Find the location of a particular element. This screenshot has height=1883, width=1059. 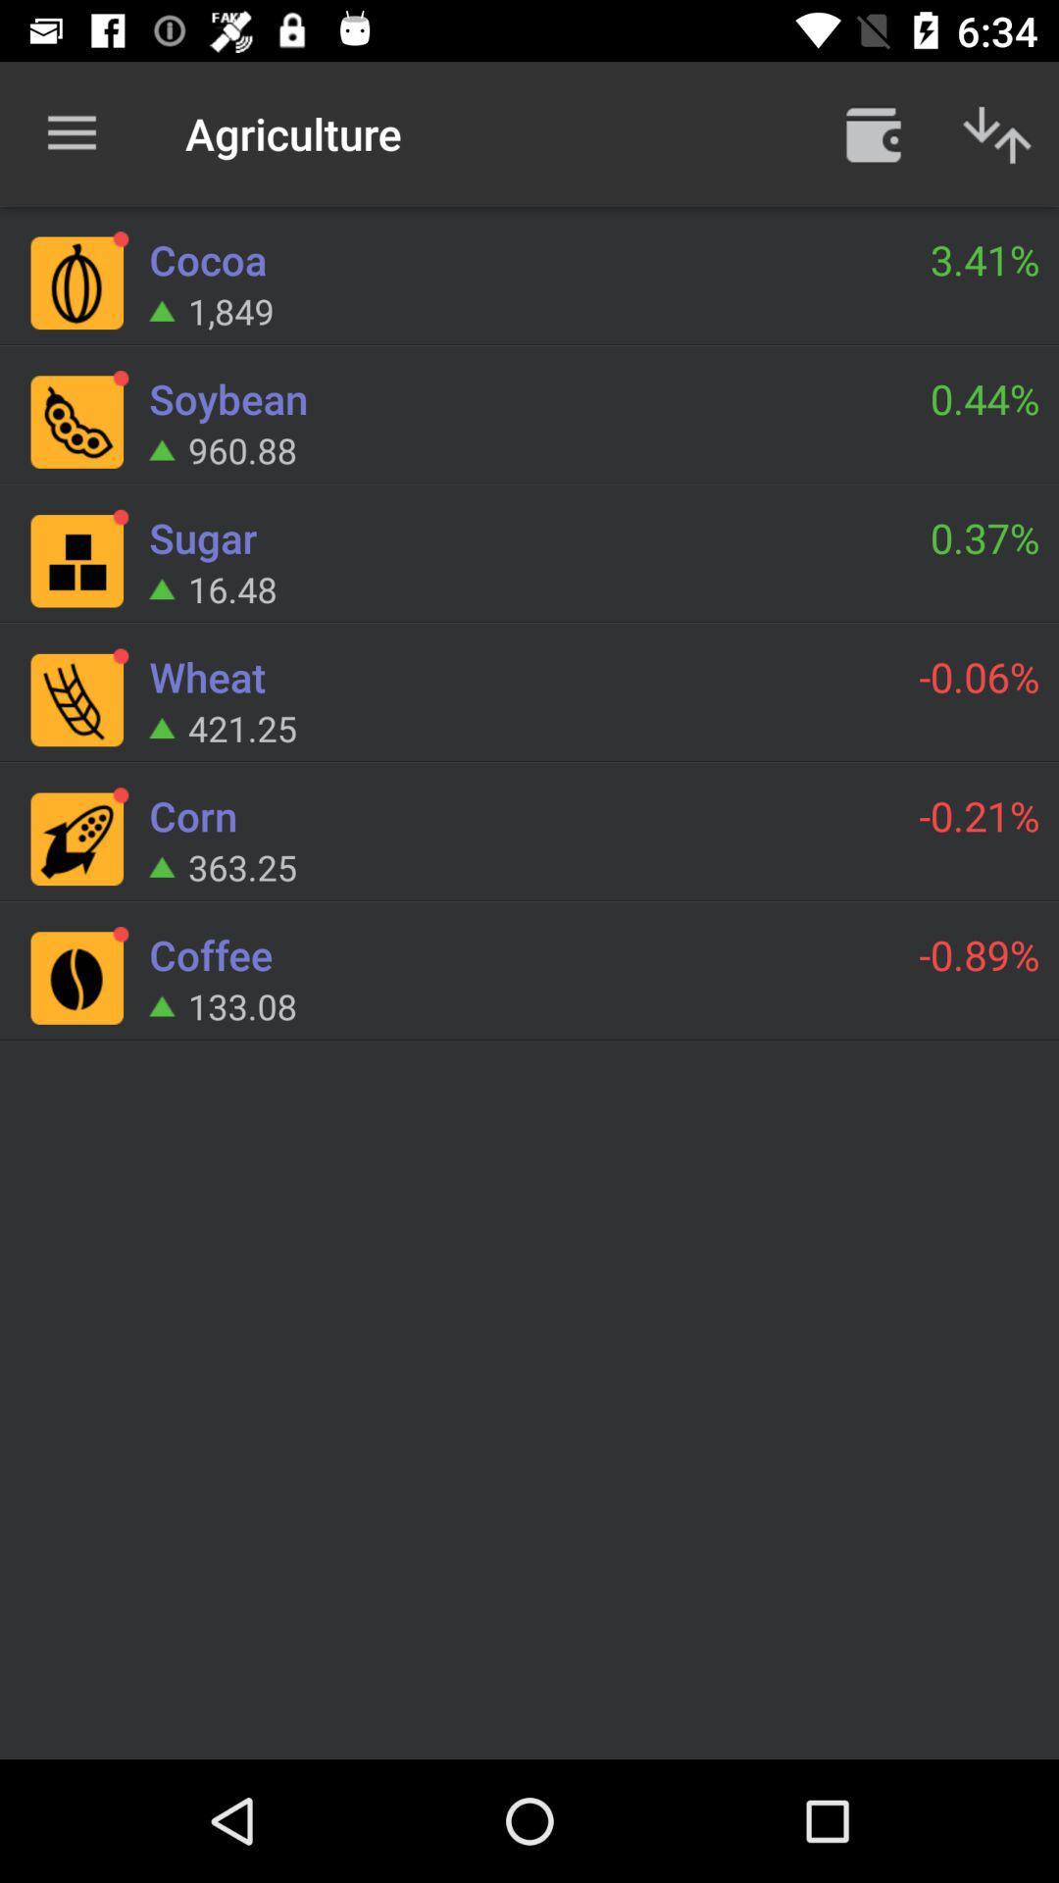

change position is located at coordinates (997, 132).